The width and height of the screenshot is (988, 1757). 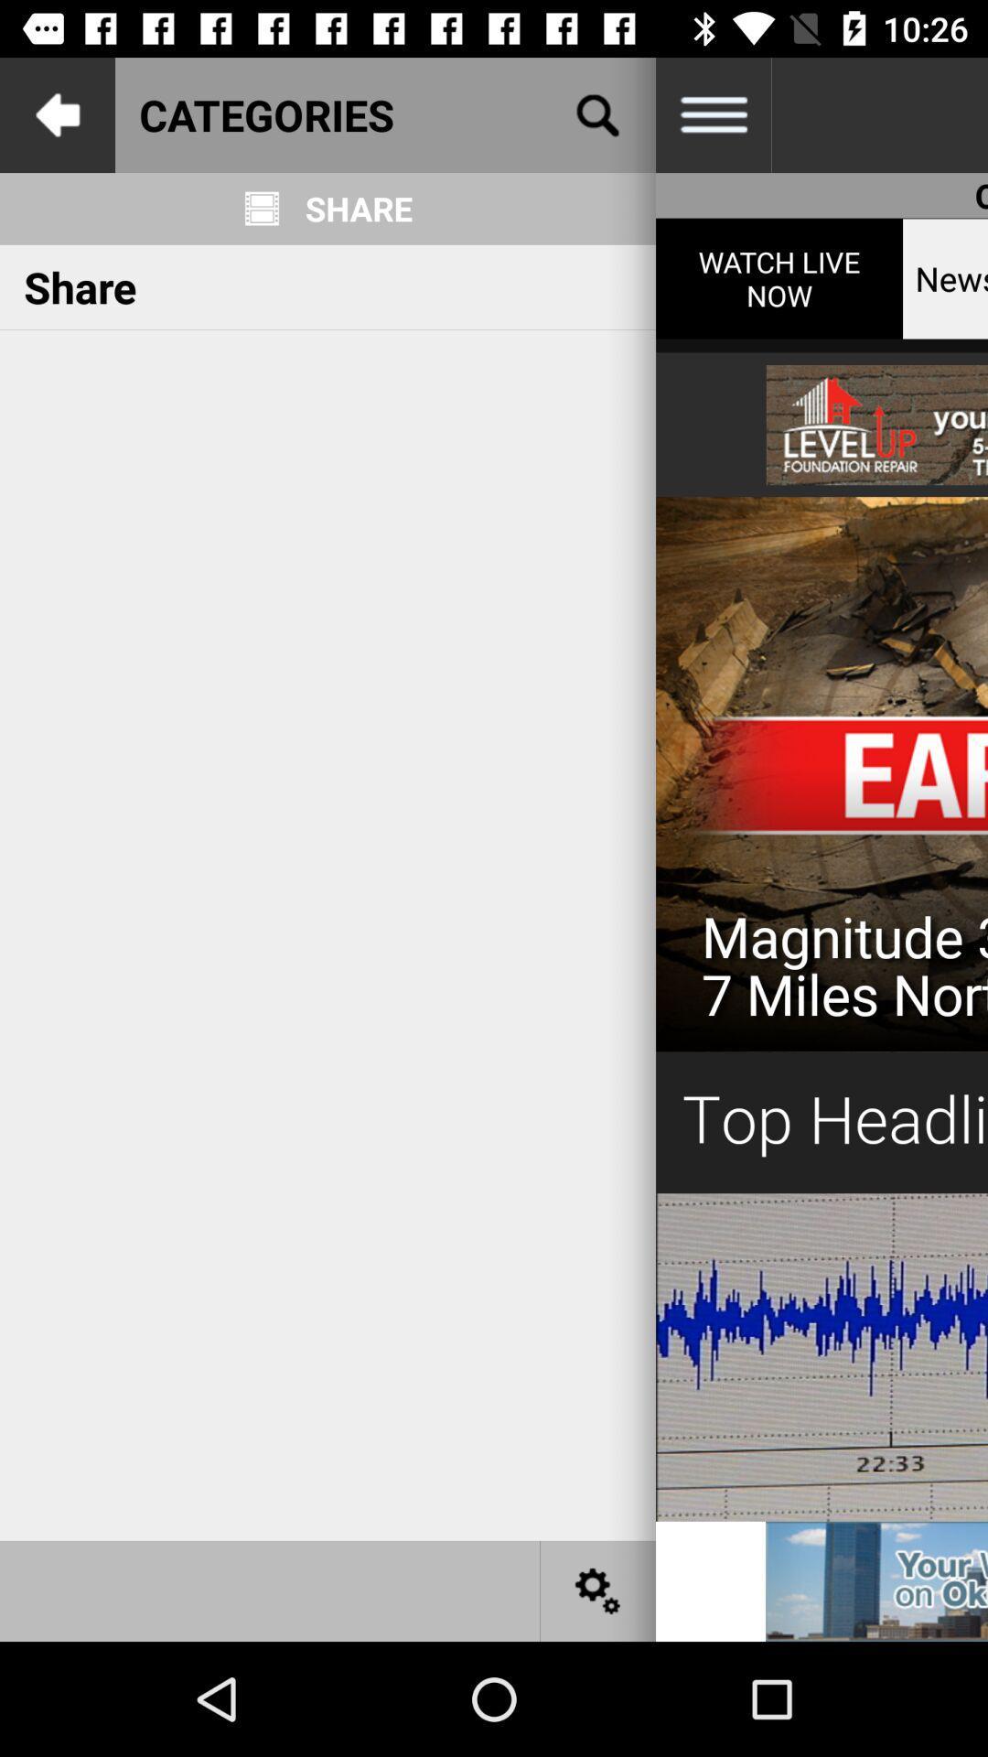 I want to click on the search icon, so click(x=598, y=113).